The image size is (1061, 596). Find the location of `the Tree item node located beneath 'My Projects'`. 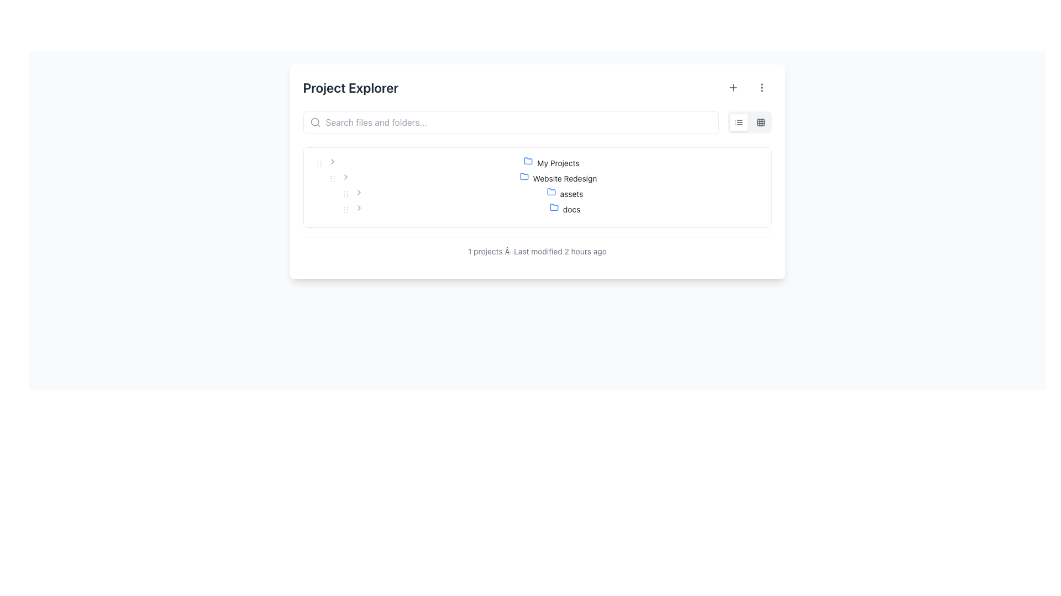

the Tree item node located beneath 'My Projects' is located at coordinates (558, 178).